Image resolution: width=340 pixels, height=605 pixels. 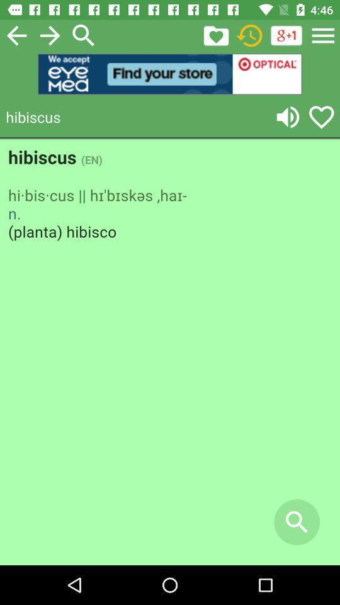 I want to click on screen page, so click(x=170, y=352).